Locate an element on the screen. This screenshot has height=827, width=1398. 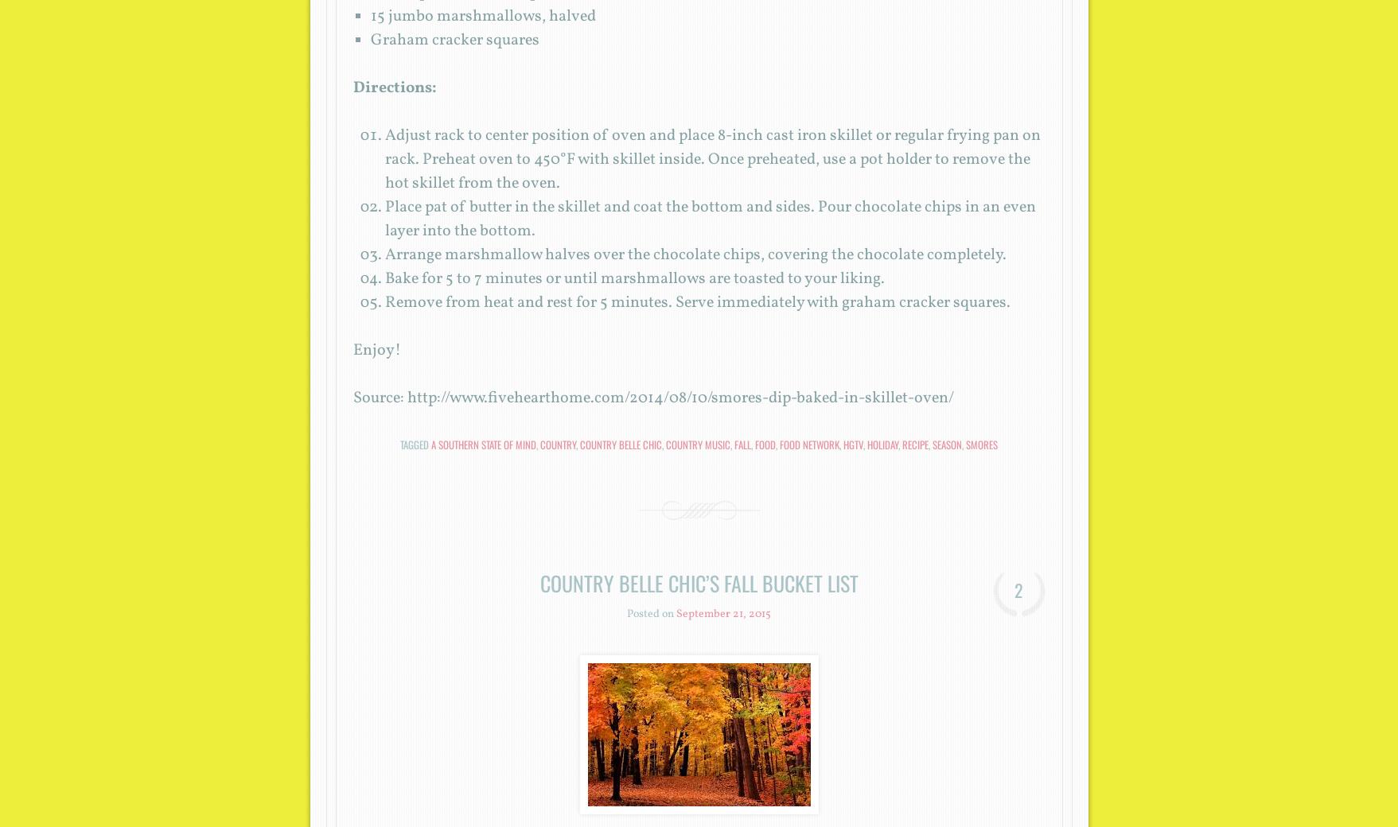
'Recipe' is located at coordinates (914, 444).